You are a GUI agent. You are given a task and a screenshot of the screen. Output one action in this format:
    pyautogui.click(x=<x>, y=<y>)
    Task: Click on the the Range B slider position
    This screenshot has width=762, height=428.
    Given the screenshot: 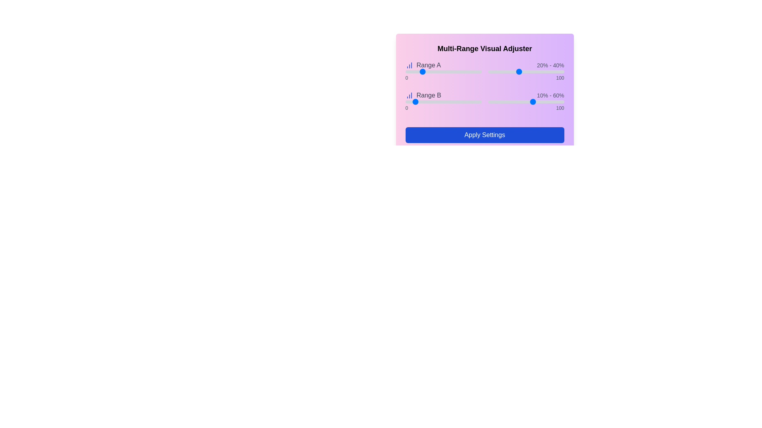 What is the action you would take?
    pyautogui.click(x=455, y=101)
    